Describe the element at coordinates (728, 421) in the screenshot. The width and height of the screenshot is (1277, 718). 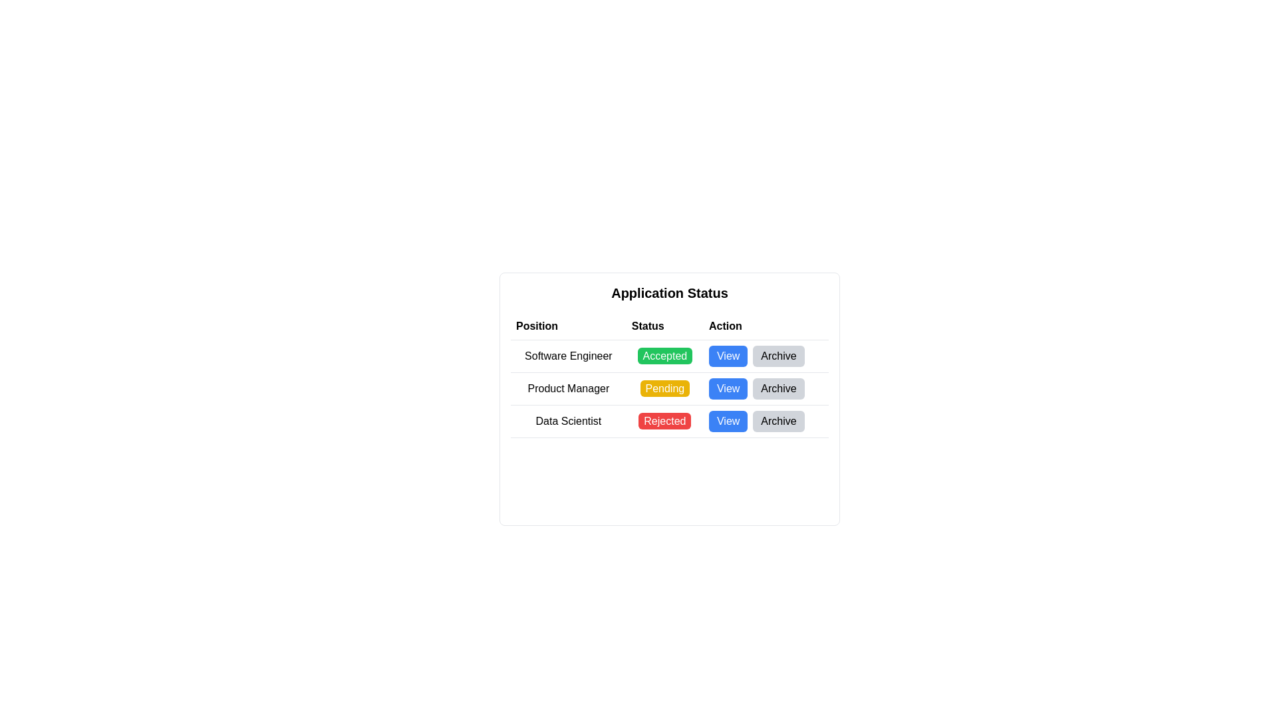
I see `the button in the 'Action' column of the table corresponding to the 'Data Scientist' position` at that location.